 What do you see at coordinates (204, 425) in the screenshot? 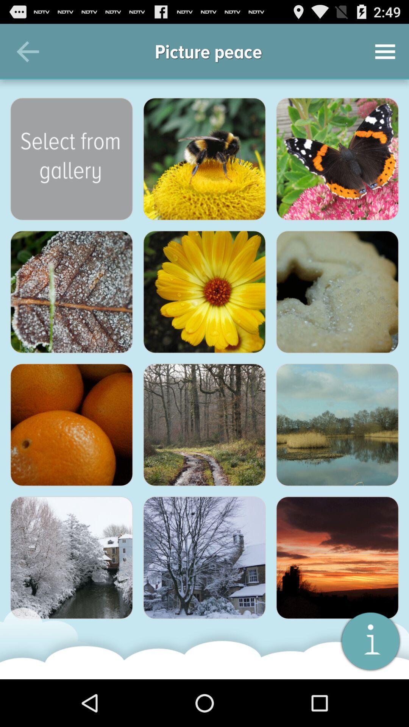
I see `open the image in full view` at bounding box center [204, 425].